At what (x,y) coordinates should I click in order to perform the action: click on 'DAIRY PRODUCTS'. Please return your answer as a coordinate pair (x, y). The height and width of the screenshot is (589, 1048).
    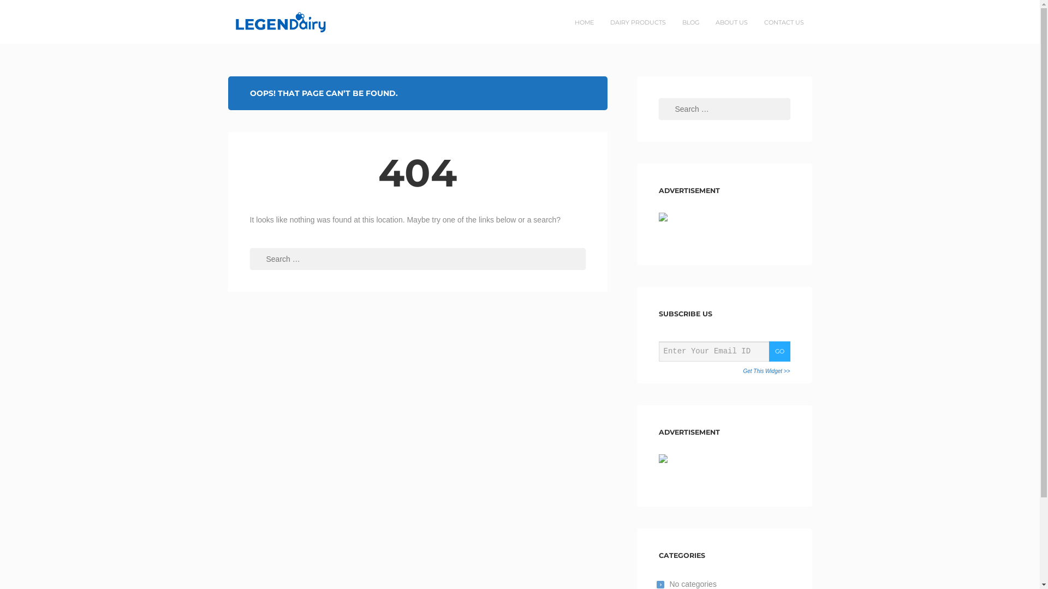
    Looking at the image, I should click on (637, 22).